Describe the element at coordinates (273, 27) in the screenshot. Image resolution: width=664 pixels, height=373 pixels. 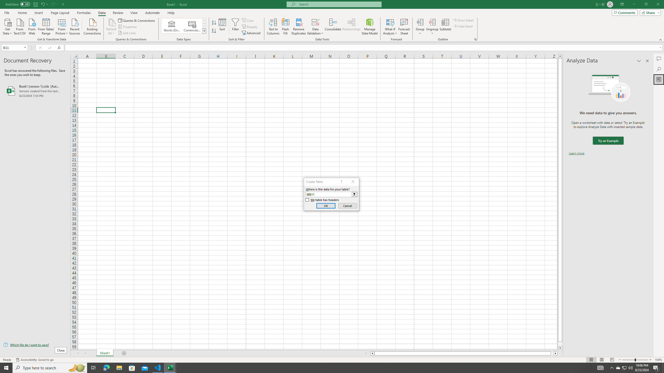
I see `'Text to Columns...'` at that location.